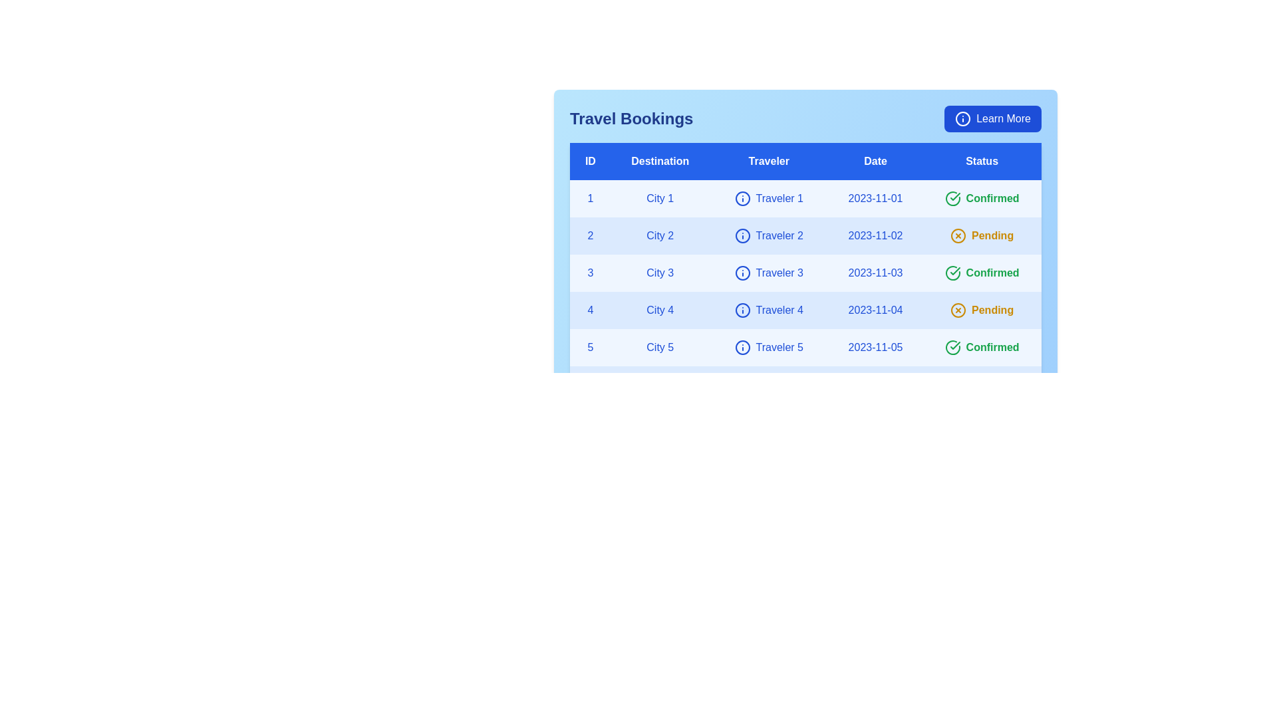 This screenshot has height=718, width=1277. What do you see at coordinates (742, 199) in the screenshot?
I see `the 'Info' icon next to the traveler's name for traveler 1` at bounding box center [742, 199].